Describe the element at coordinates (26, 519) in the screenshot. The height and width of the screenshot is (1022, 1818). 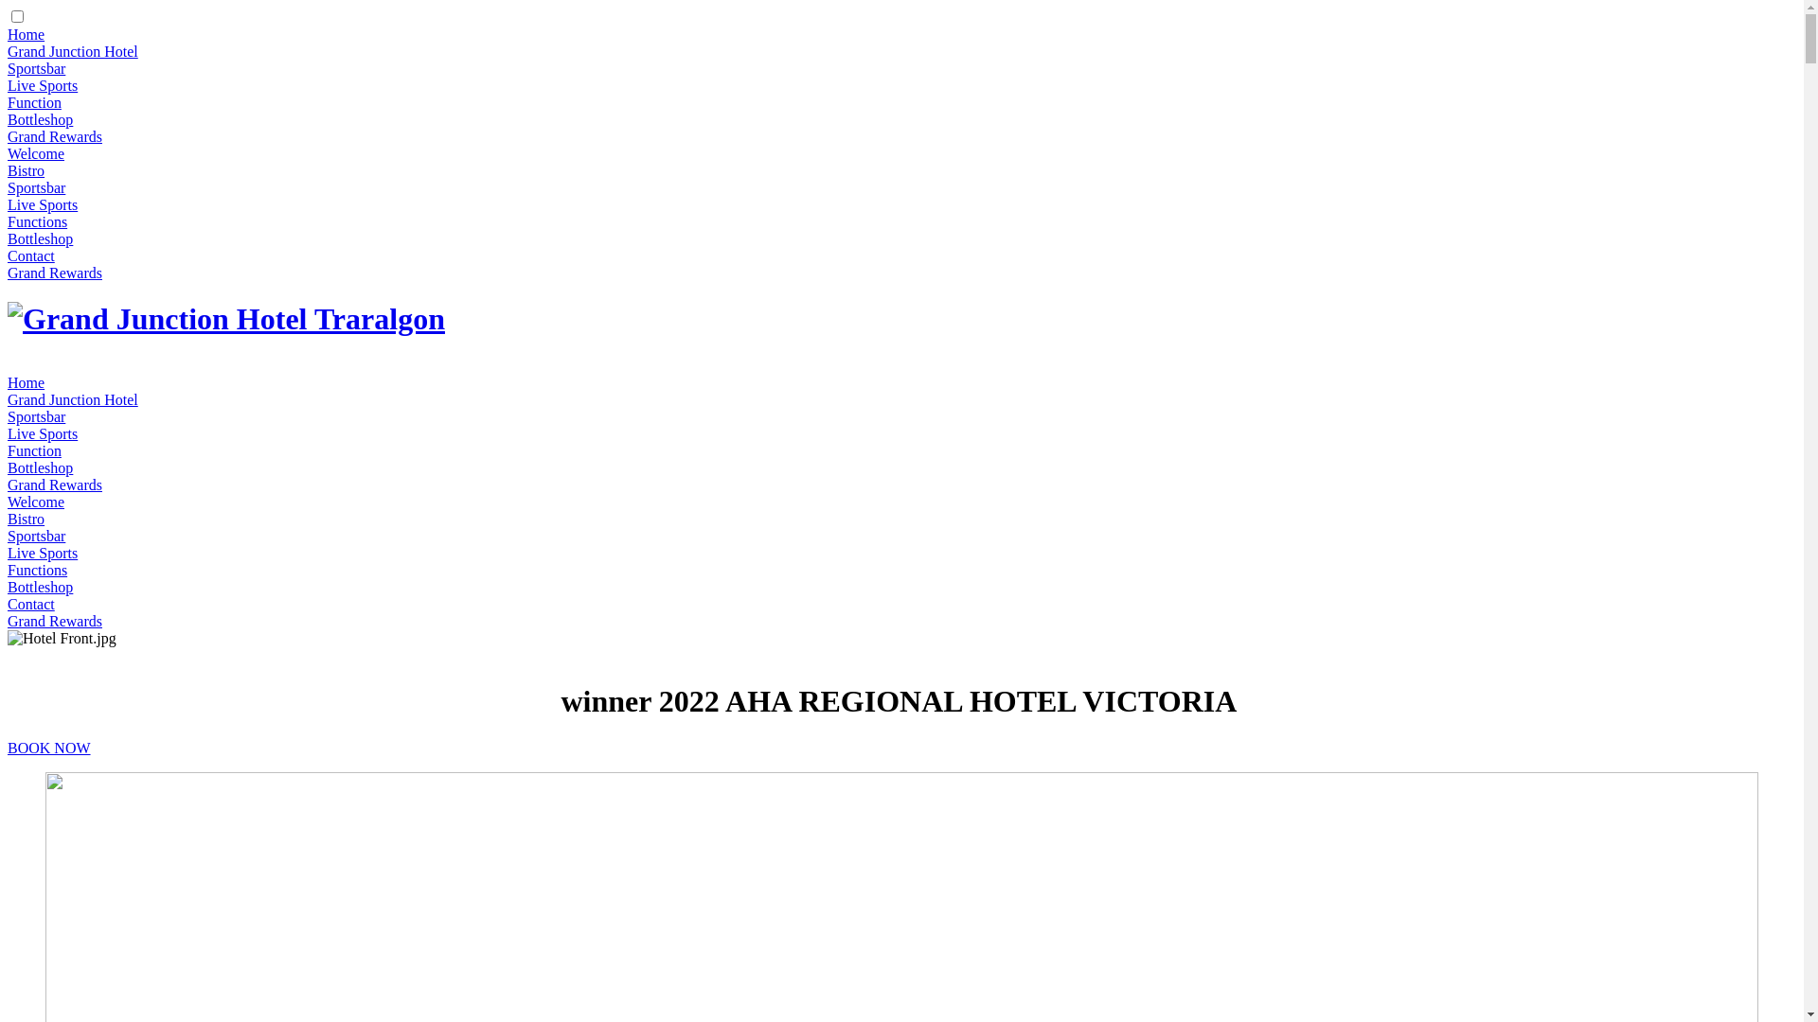
I see `'Bistro'` at that location.